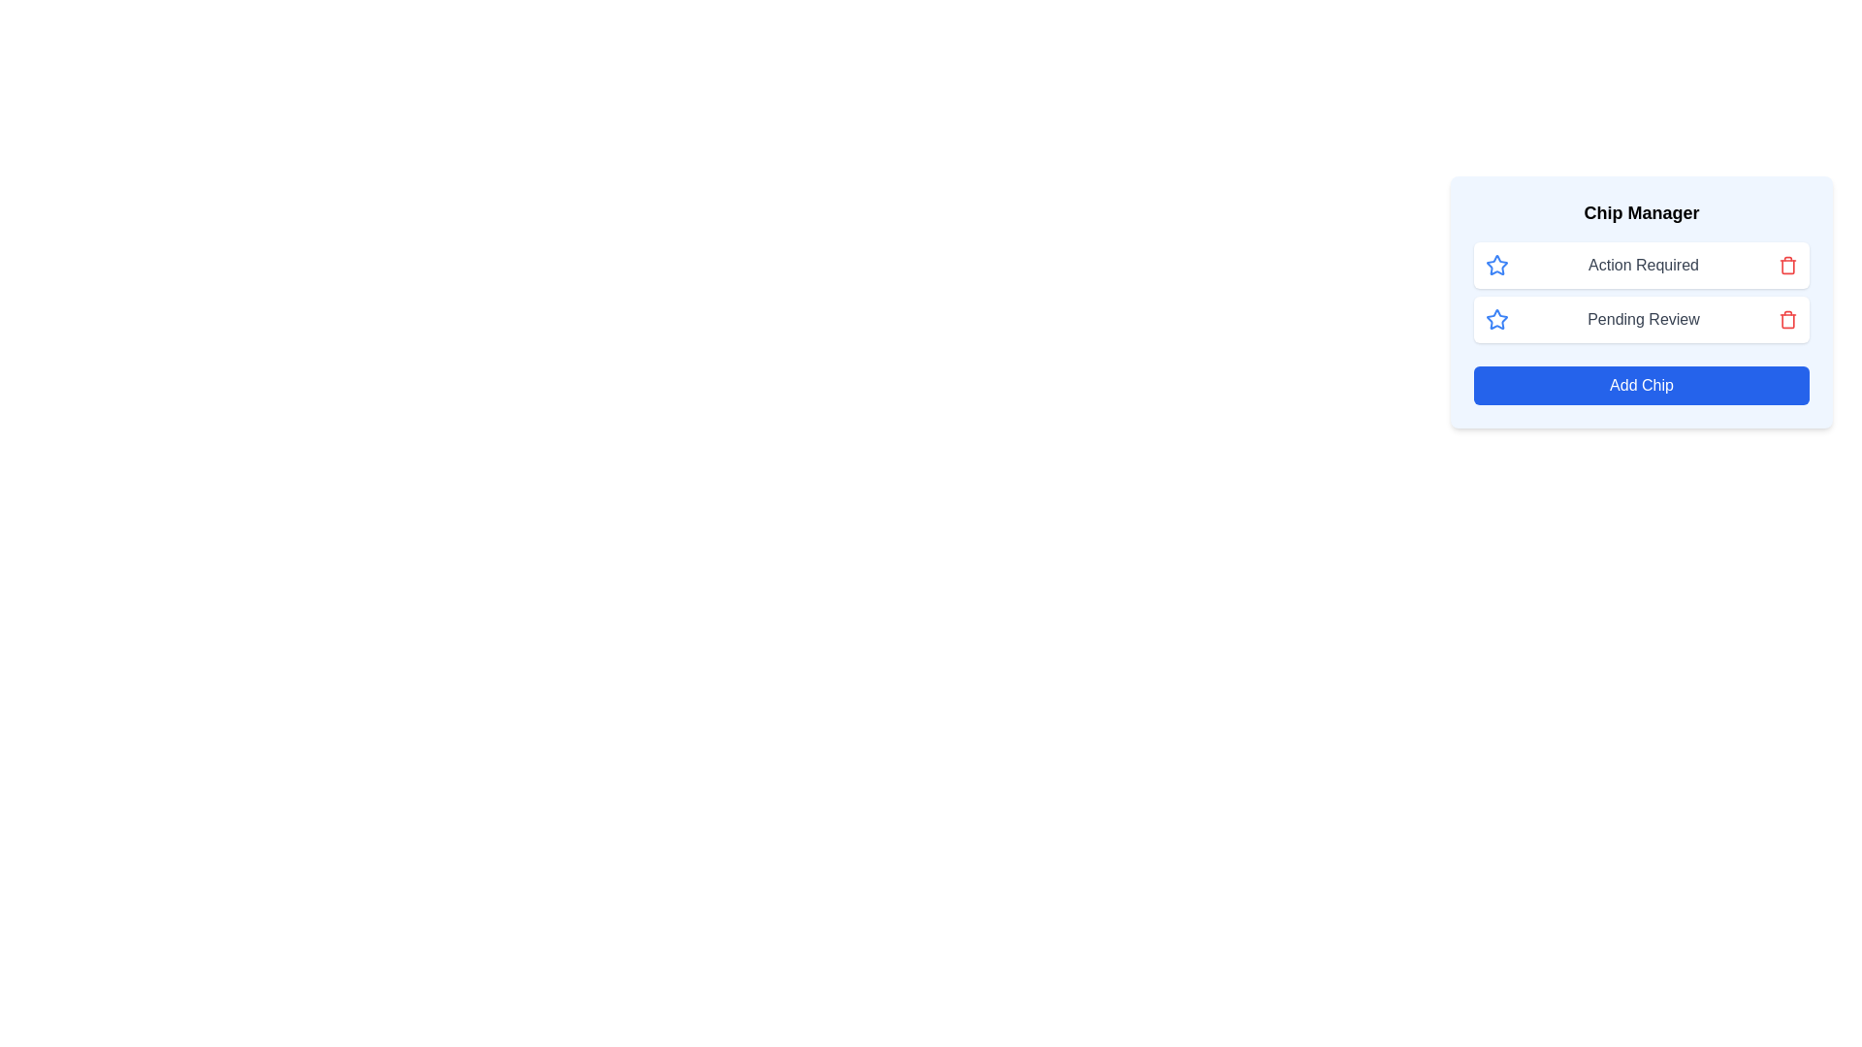 This screenshot has width=1862, height=1047. Describe the element at coordinates (1641, 385) in the screenshot. I see `the 'Add Chip' button to add a new chip to the list` at that location.